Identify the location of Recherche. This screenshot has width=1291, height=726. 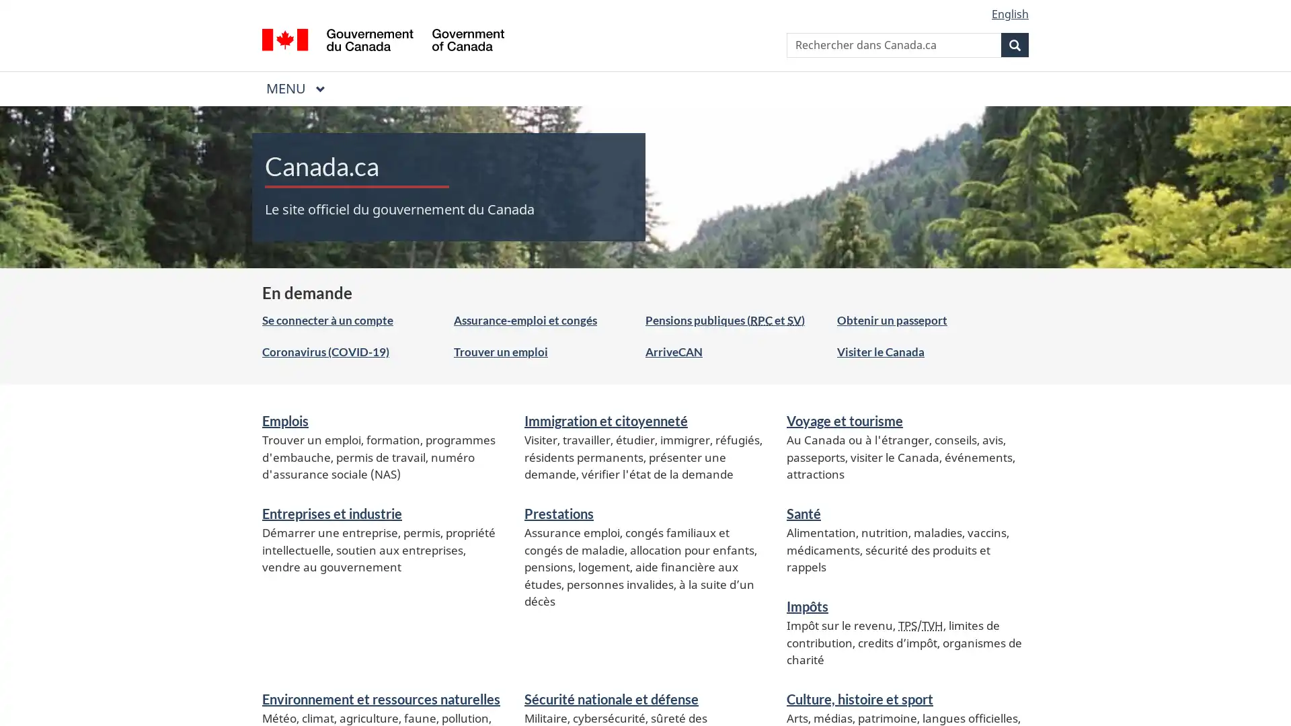
(1015, 44).